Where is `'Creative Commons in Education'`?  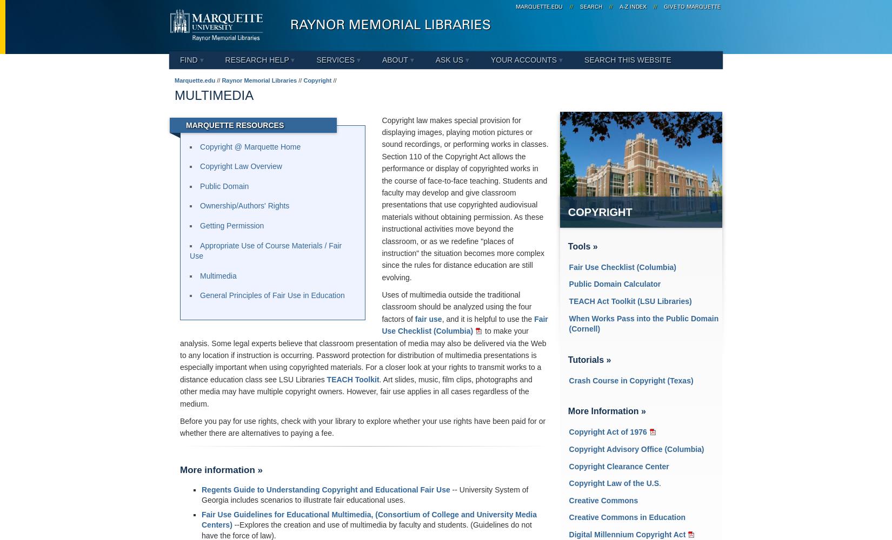 'Creative Commons in Education' is located at coordinates (569, 517).